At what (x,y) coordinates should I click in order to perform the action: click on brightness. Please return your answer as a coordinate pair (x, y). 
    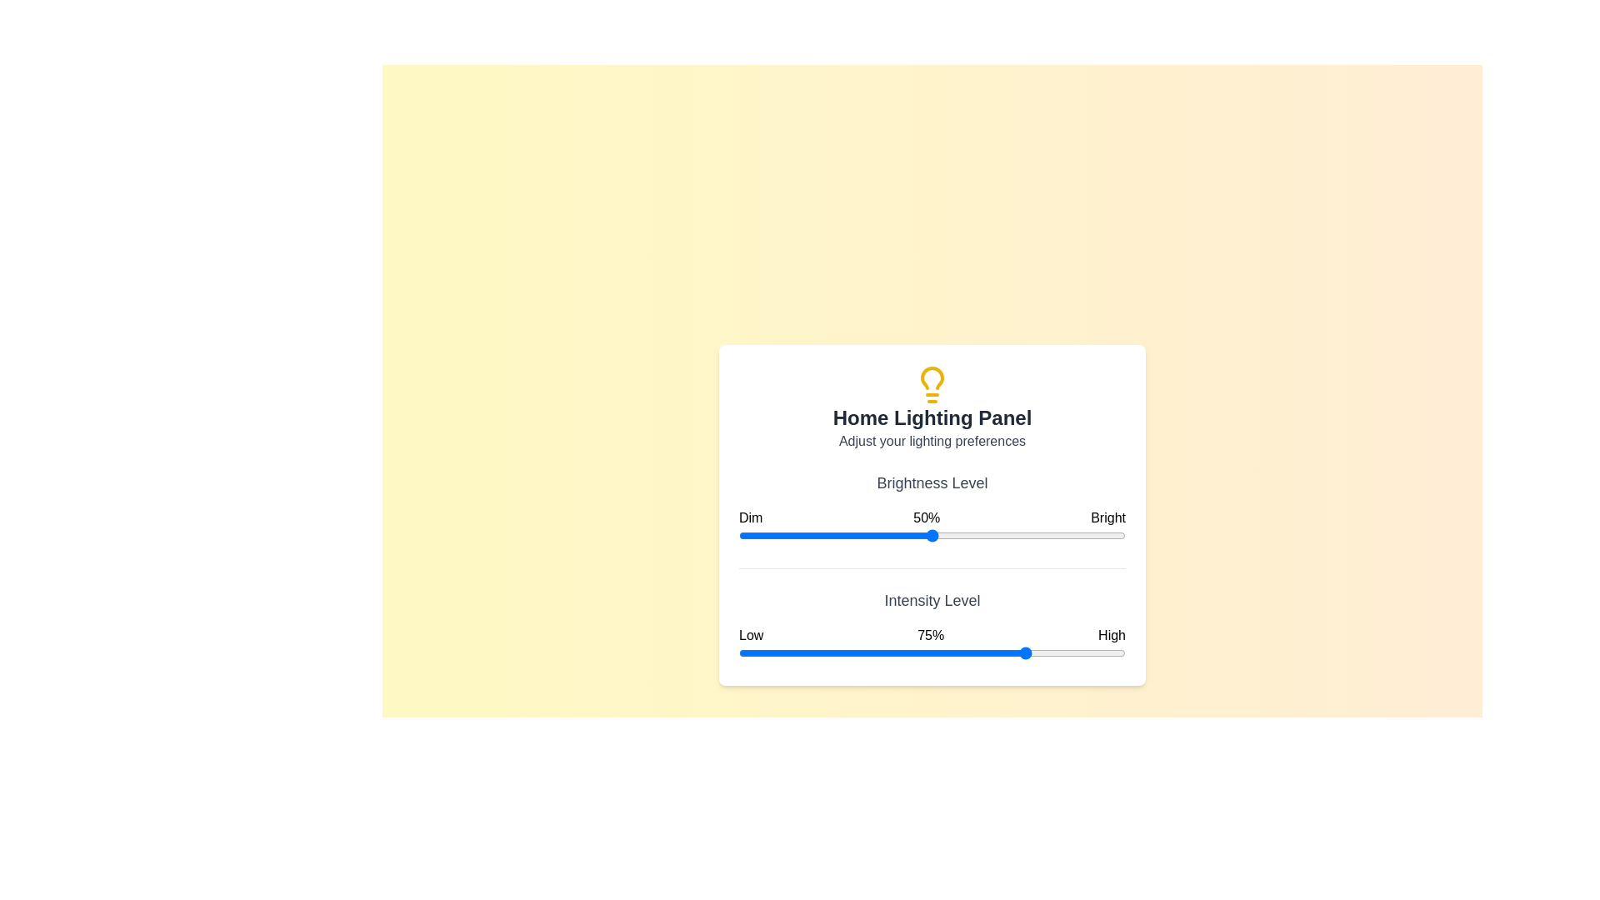
    Looking at the image, I should click on (1091, 535).